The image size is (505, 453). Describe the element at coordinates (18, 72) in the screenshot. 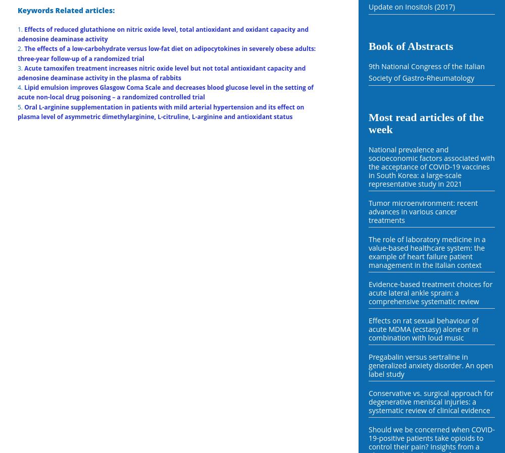

I see `'Acute tamoxifen treatment increases nitric oxide level but not total antioxidant capacity and adenosine deaminase activity in the plasma of rabbits'` at that location.